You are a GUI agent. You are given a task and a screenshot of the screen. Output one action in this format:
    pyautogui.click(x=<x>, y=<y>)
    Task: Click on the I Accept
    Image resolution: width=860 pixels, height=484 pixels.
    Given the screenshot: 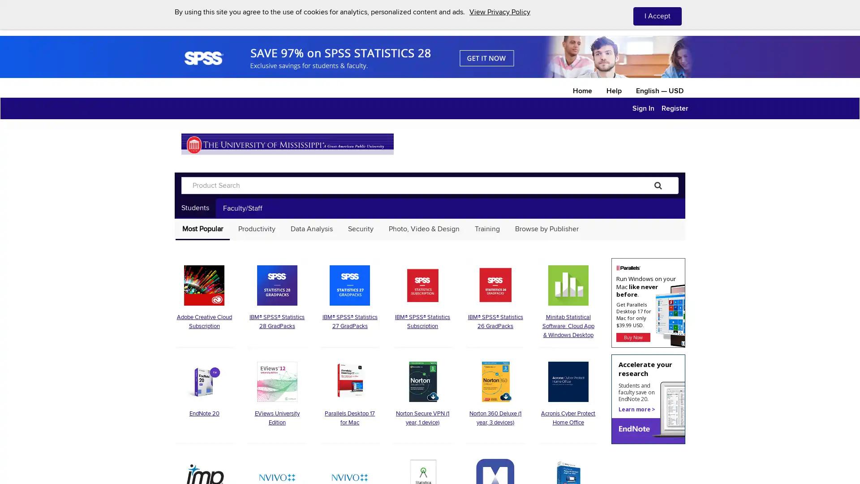 What is the action you would take?
    pyautogui.click(x=658, y=16)
    